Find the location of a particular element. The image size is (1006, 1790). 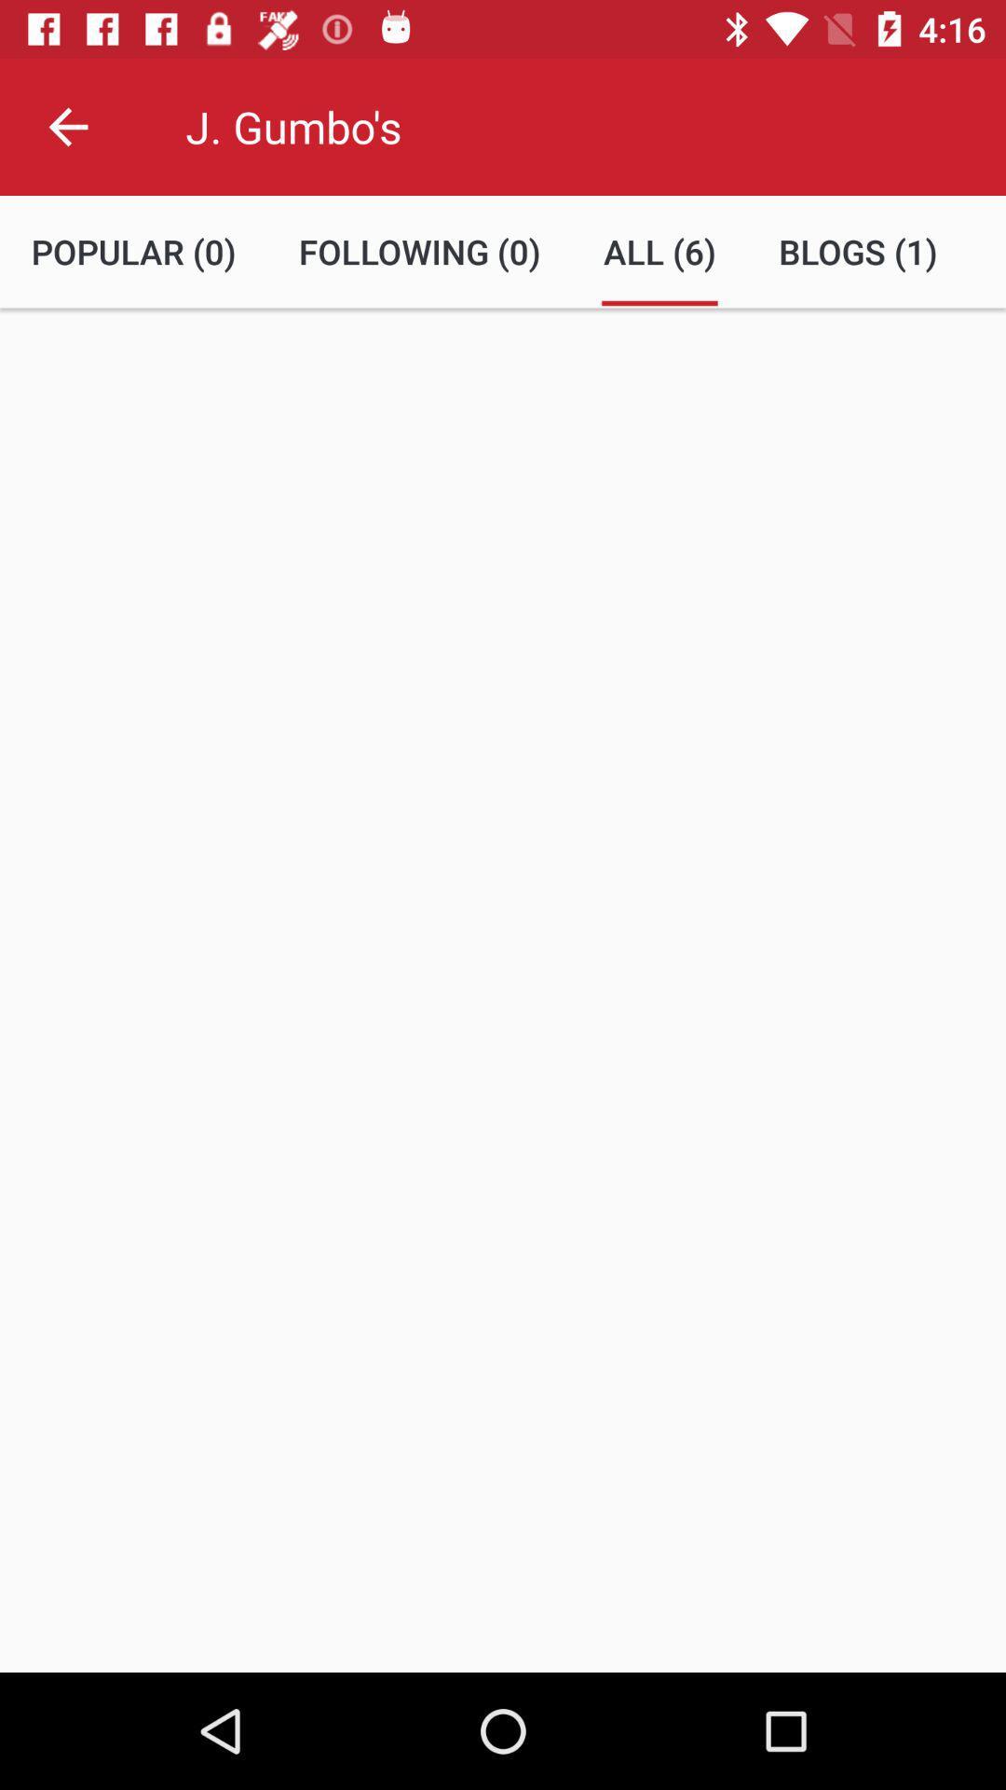

the item to the left of the j. gumbo's item is located at coordinates (67, 126).